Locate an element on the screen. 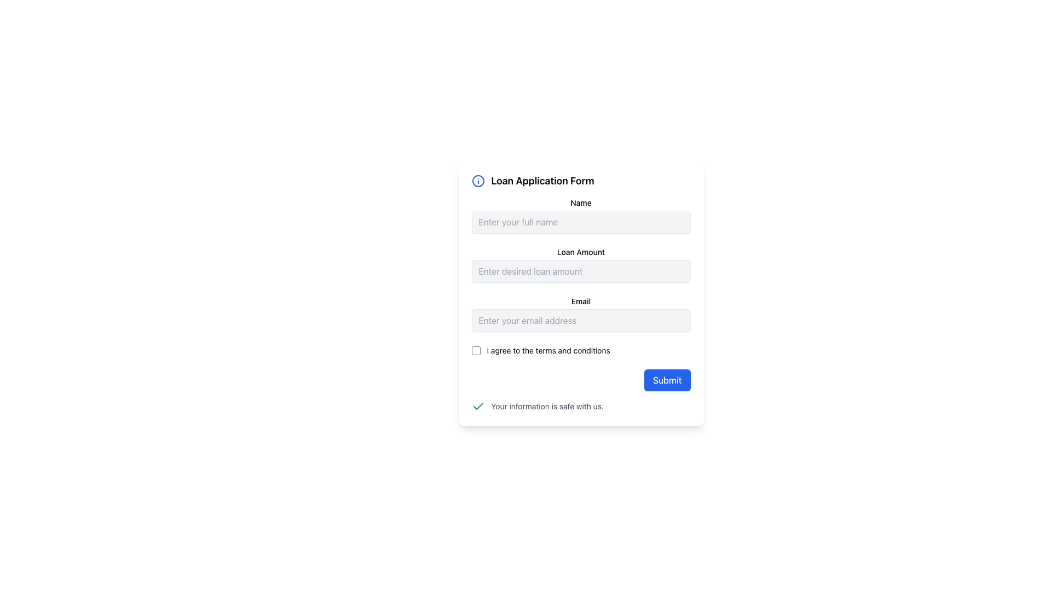  the text label 'I agree to the terms and conditions' of the checkbox element located above the 'Submit' button is located at coordinates (580, 350).